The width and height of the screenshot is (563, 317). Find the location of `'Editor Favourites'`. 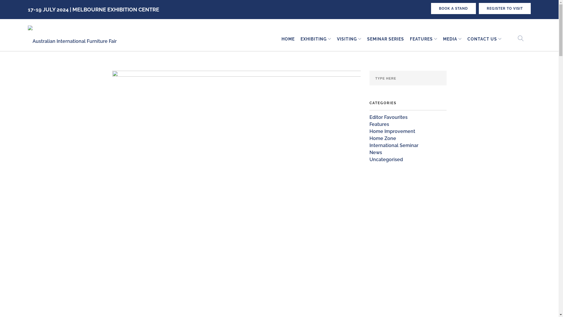

'Editor Favourites' is located at coordinates (388, 117).